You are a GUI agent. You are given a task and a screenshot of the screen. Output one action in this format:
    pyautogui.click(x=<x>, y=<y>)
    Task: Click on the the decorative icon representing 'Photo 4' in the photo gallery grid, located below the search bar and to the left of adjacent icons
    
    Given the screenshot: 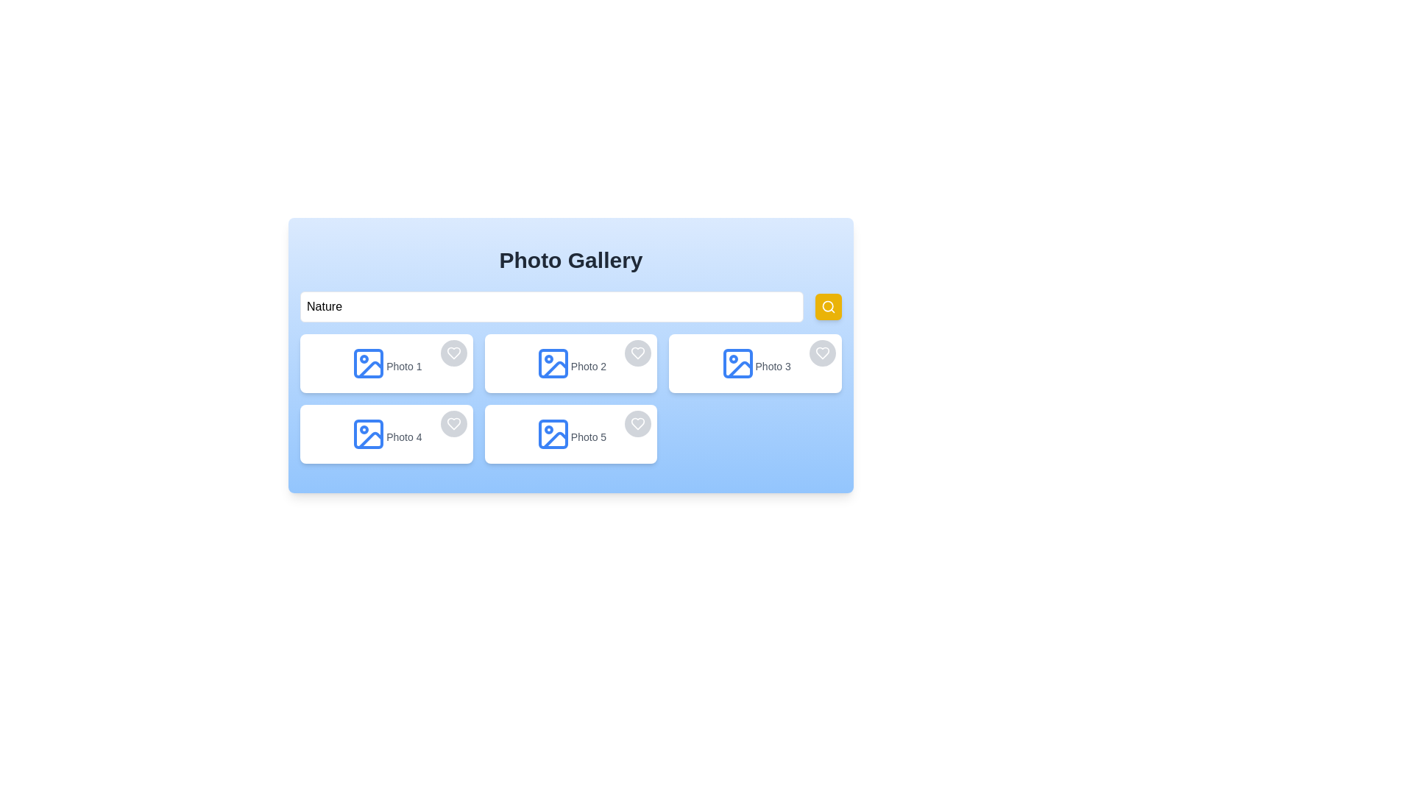 What is the action you would take?
    pyautogui.click(x=369, y=434)
    